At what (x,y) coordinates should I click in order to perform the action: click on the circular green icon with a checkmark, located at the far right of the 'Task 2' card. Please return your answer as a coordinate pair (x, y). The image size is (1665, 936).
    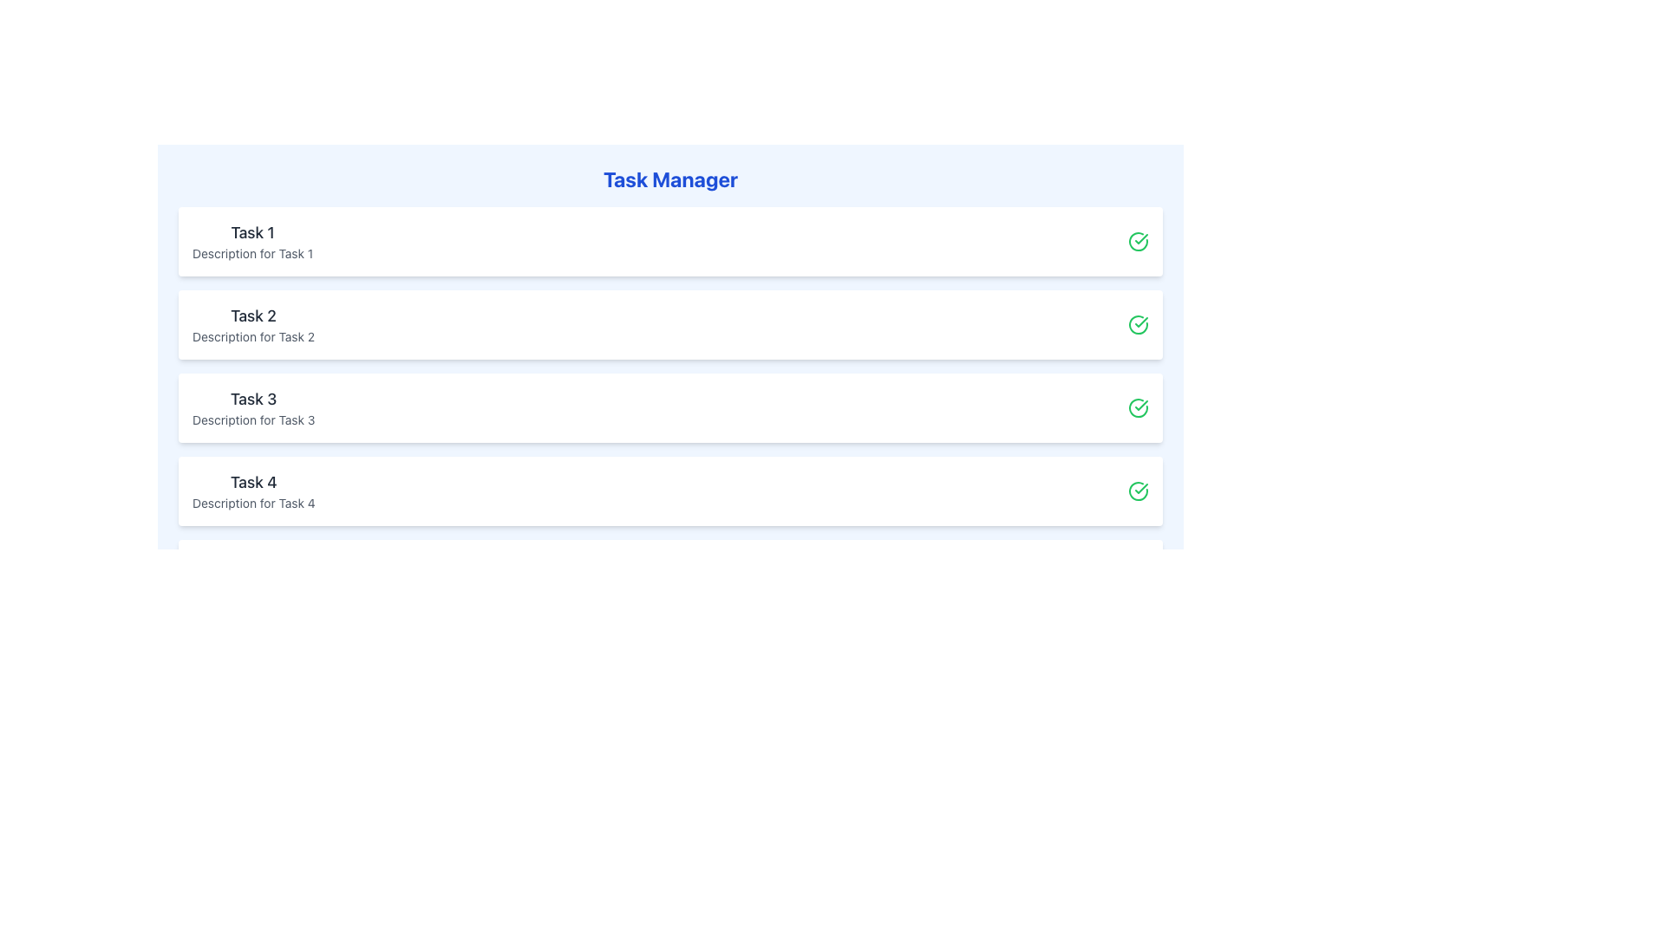
    Looking at the image, I should click on (1139, 324).